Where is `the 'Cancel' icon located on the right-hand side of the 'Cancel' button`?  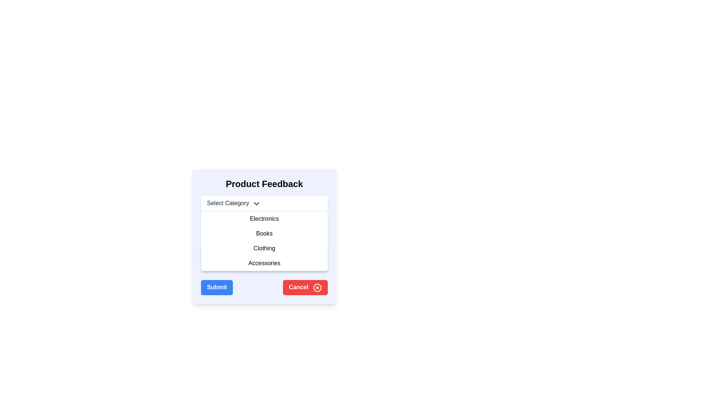
the 'Cancel' icon located on the right-hand side of the 'Cancel' button is located at coordinates (317, 287).